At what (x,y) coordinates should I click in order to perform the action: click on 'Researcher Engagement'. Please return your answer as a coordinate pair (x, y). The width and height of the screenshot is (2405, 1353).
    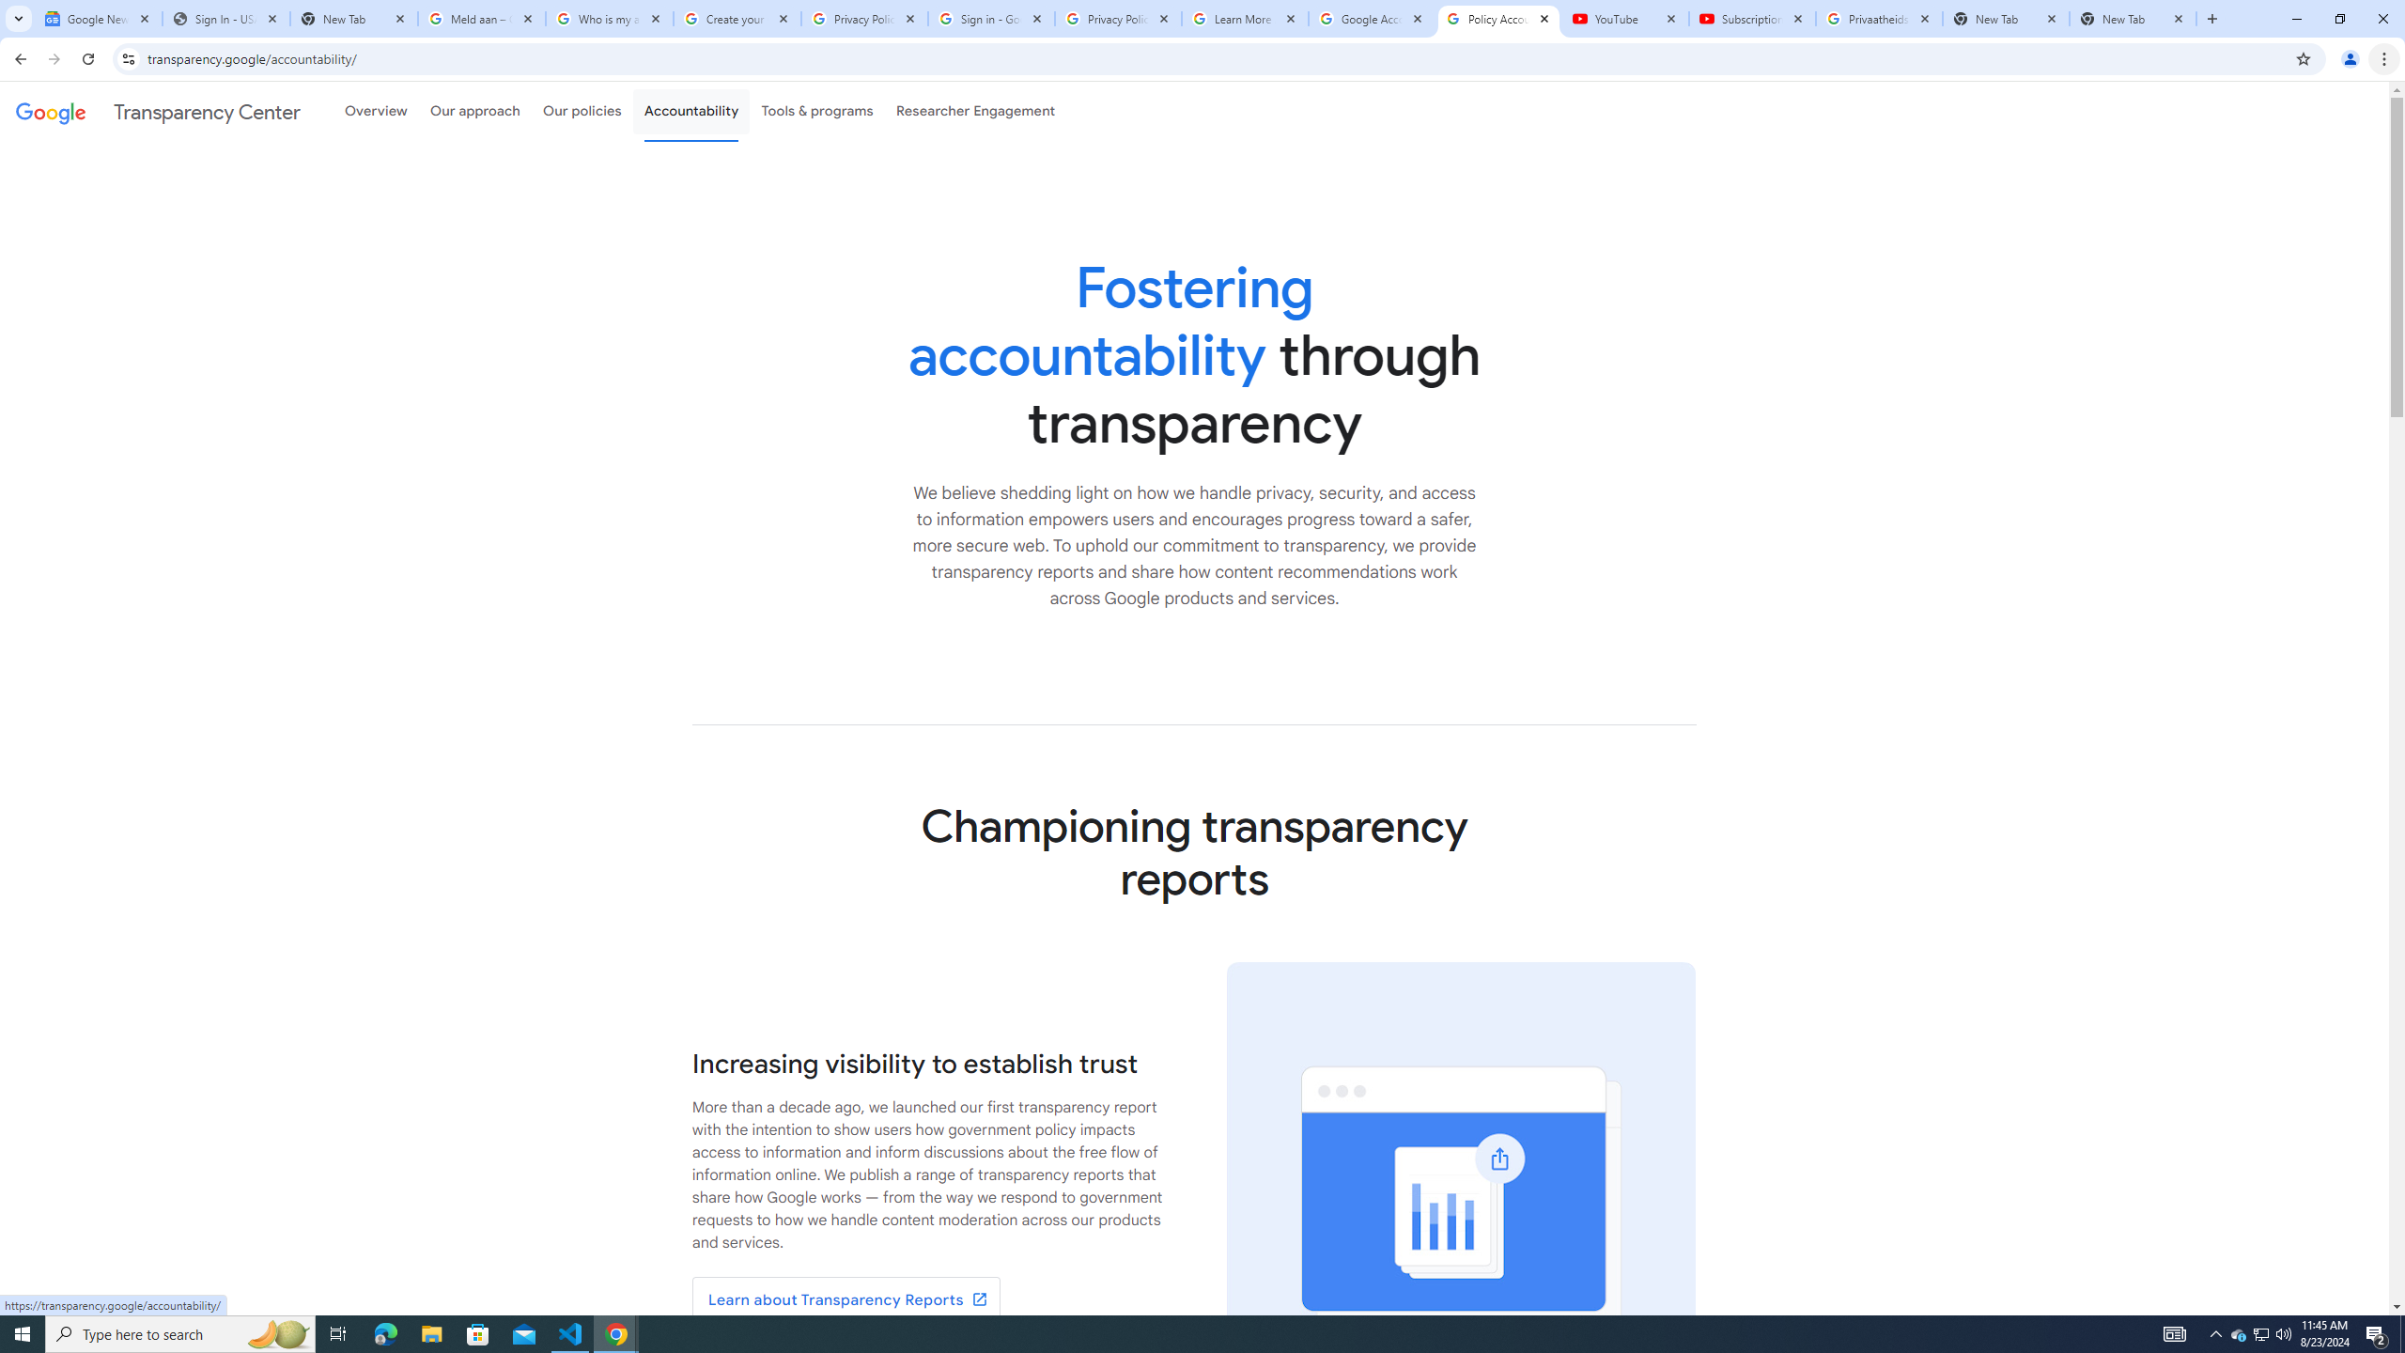
    Looking at the image, I should click on (976, 111).